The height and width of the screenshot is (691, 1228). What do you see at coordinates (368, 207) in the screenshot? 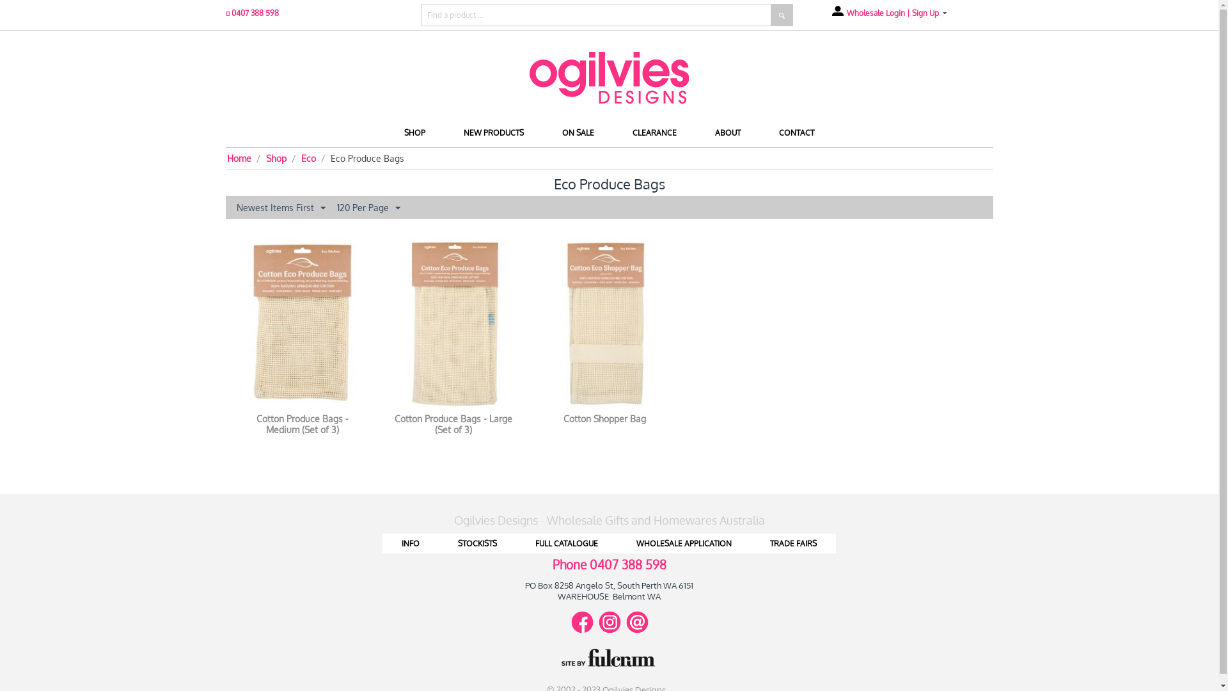
I see `'120 Per Page'` at bounding box center [368, 207].